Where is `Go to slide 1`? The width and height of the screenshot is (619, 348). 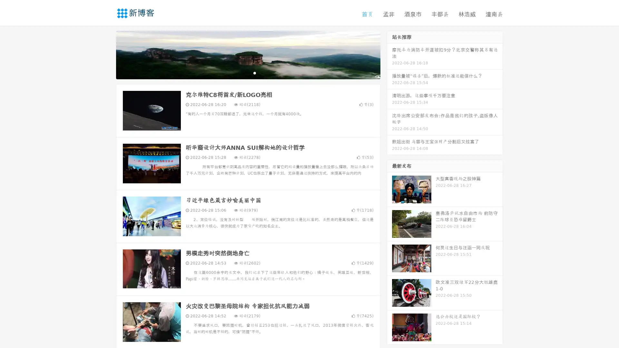
Go to slide 1 is located at coordinates (241, 72).